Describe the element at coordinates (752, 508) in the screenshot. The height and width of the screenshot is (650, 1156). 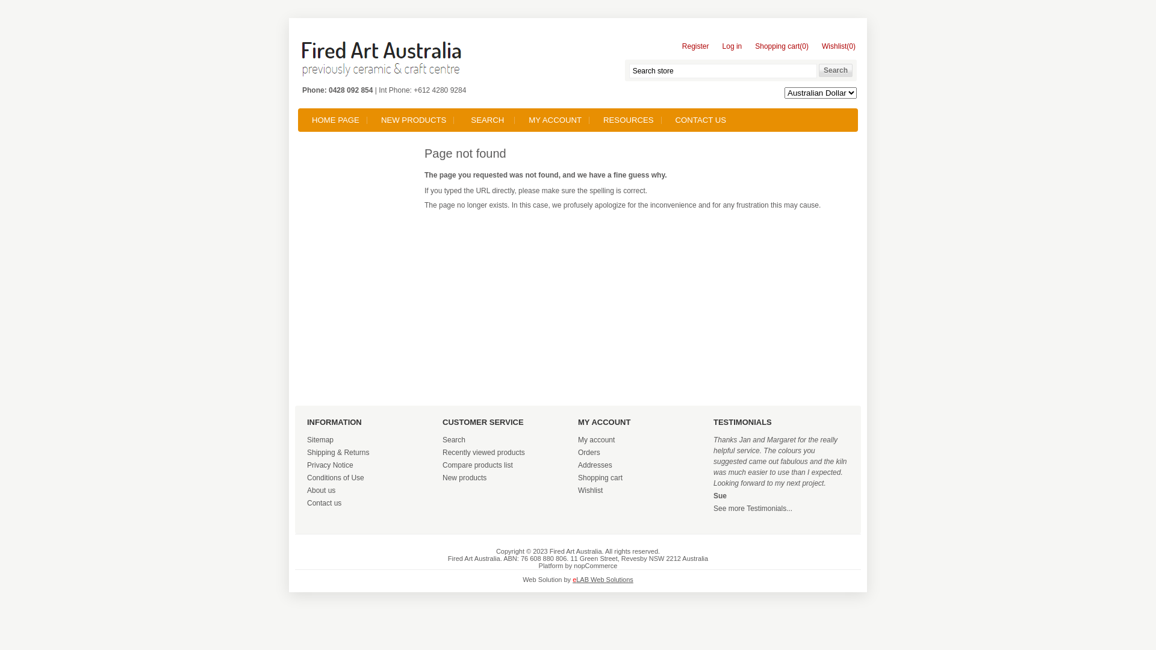
I see `'See more Testimonials...'` at that location.